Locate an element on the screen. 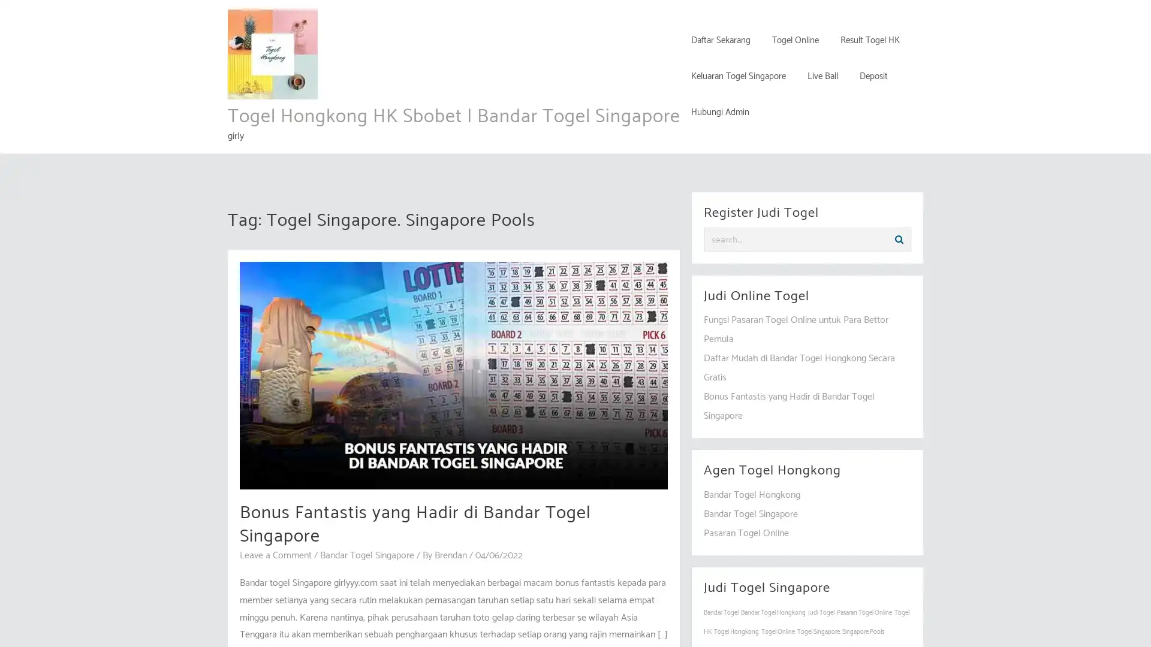 This screenshot has height=647, width=1151. Search is located at coordinates (899, 240).